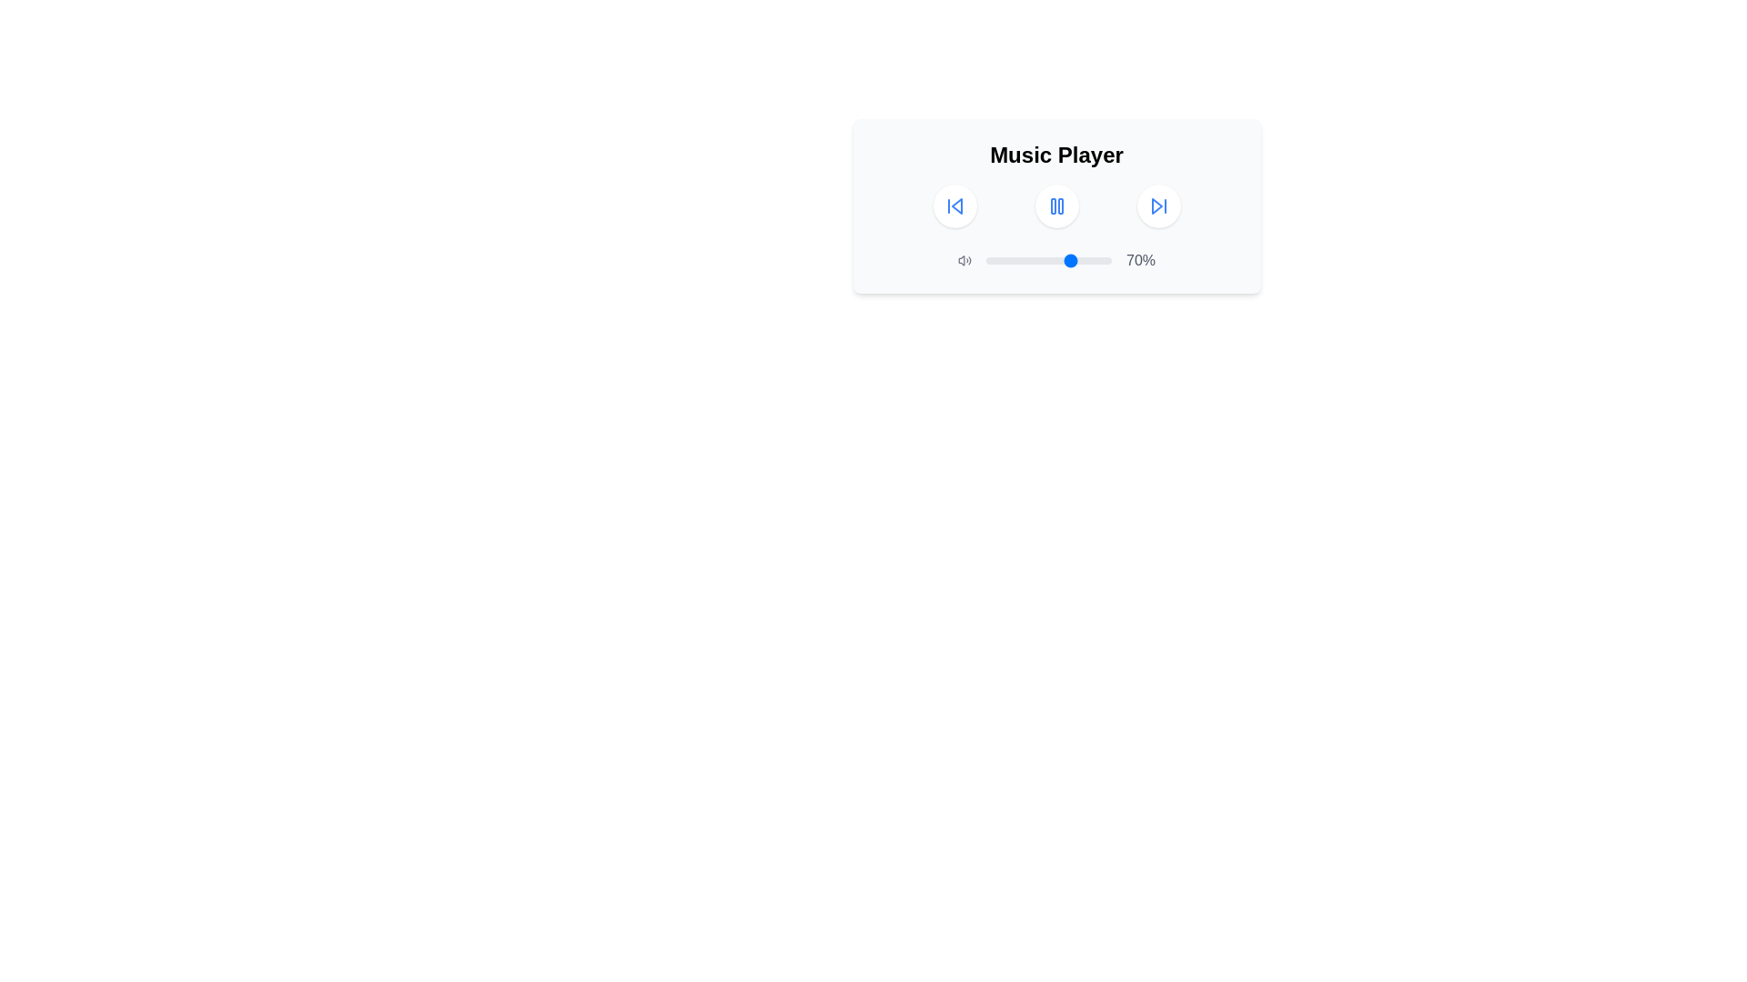  What do you see at coordinates (1030, 260) in the screenshot?
I see `the slider` at bounding box center [1030, 260].